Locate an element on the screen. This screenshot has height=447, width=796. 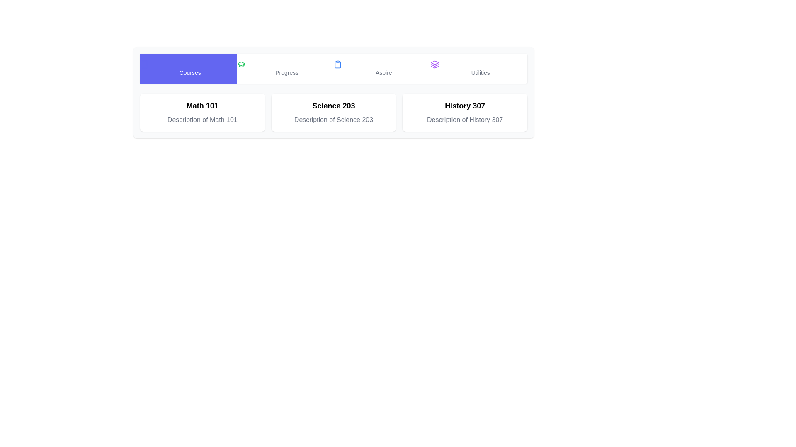
text label that serves as the header for the card associated with 'History 307', located in the third column from the left and positioned above the description text is located at coordinates (465, 105).